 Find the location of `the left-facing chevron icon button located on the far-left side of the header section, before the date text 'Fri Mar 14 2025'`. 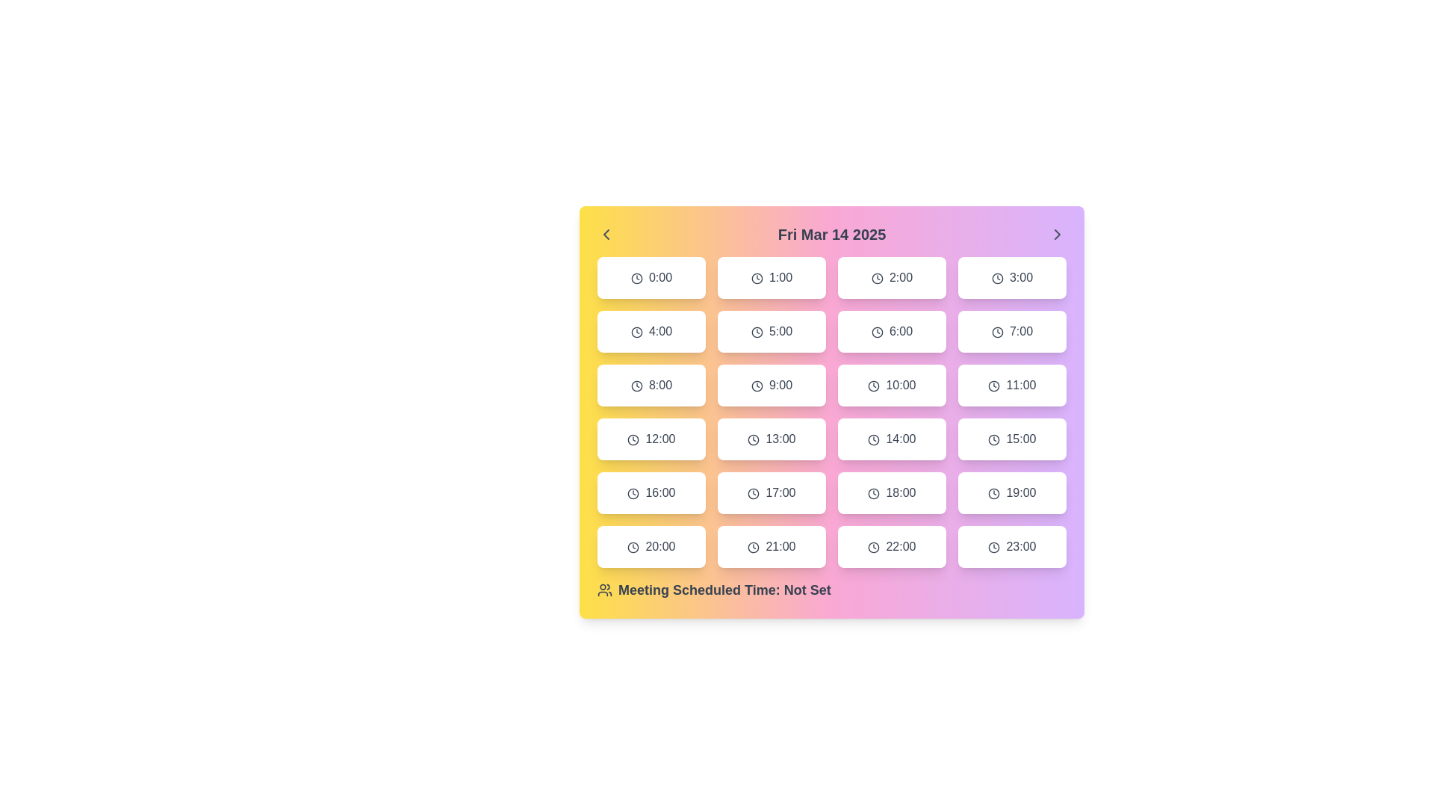

the left-facing chevron icon button located on the far-left side of the header section, before the date text 'Fri Mar 14 2025' is located at coordinates (606, 234).